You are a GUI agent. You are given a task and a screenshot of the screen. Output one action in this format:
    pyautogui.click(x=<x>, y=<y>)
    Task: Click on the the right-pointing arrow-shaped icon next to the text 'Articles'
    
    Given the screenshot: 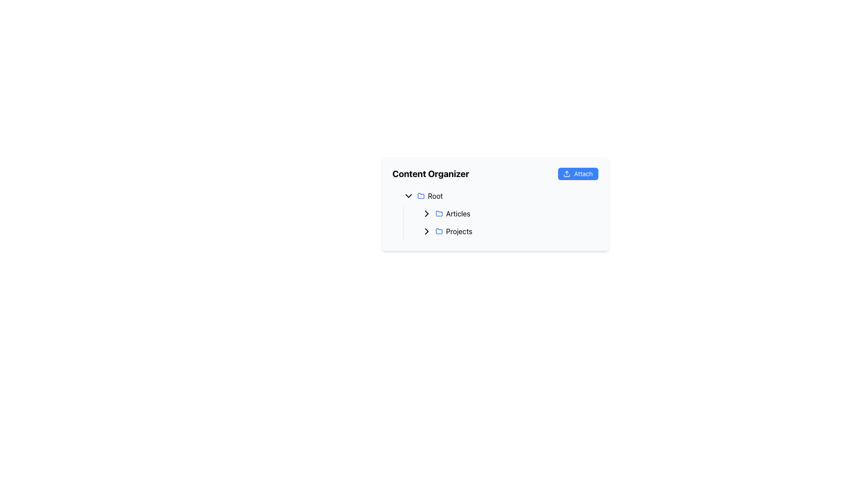 What is the action you would take?
    pyautogui.click(x=426, y=213)
    